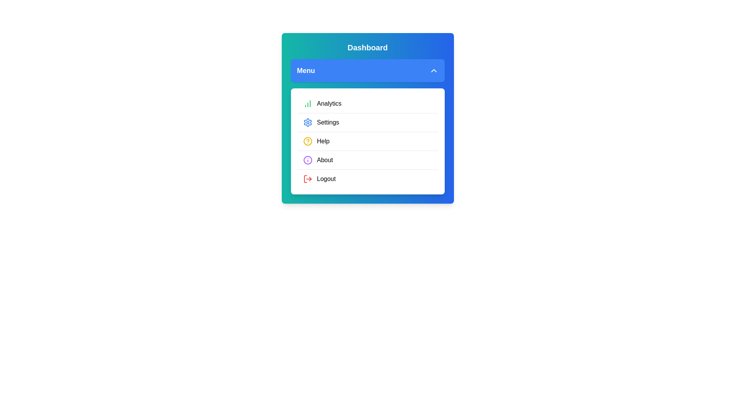 This screenshot has height=415, width=738. I want to click on the 'Analytics' text label, which is styled in black and located next to a green chart icon in the first position of a vertical menu list inside a dropdown, so click(329, 104).